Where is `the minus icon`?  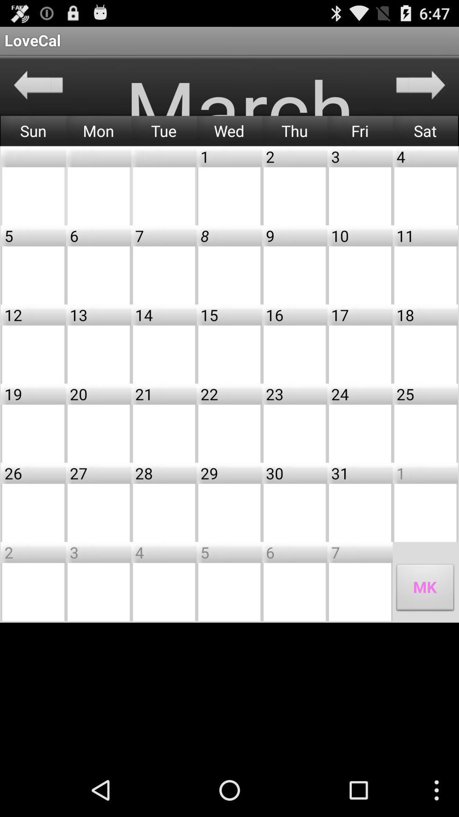
the minus icon is located at coordinates (98, 463).